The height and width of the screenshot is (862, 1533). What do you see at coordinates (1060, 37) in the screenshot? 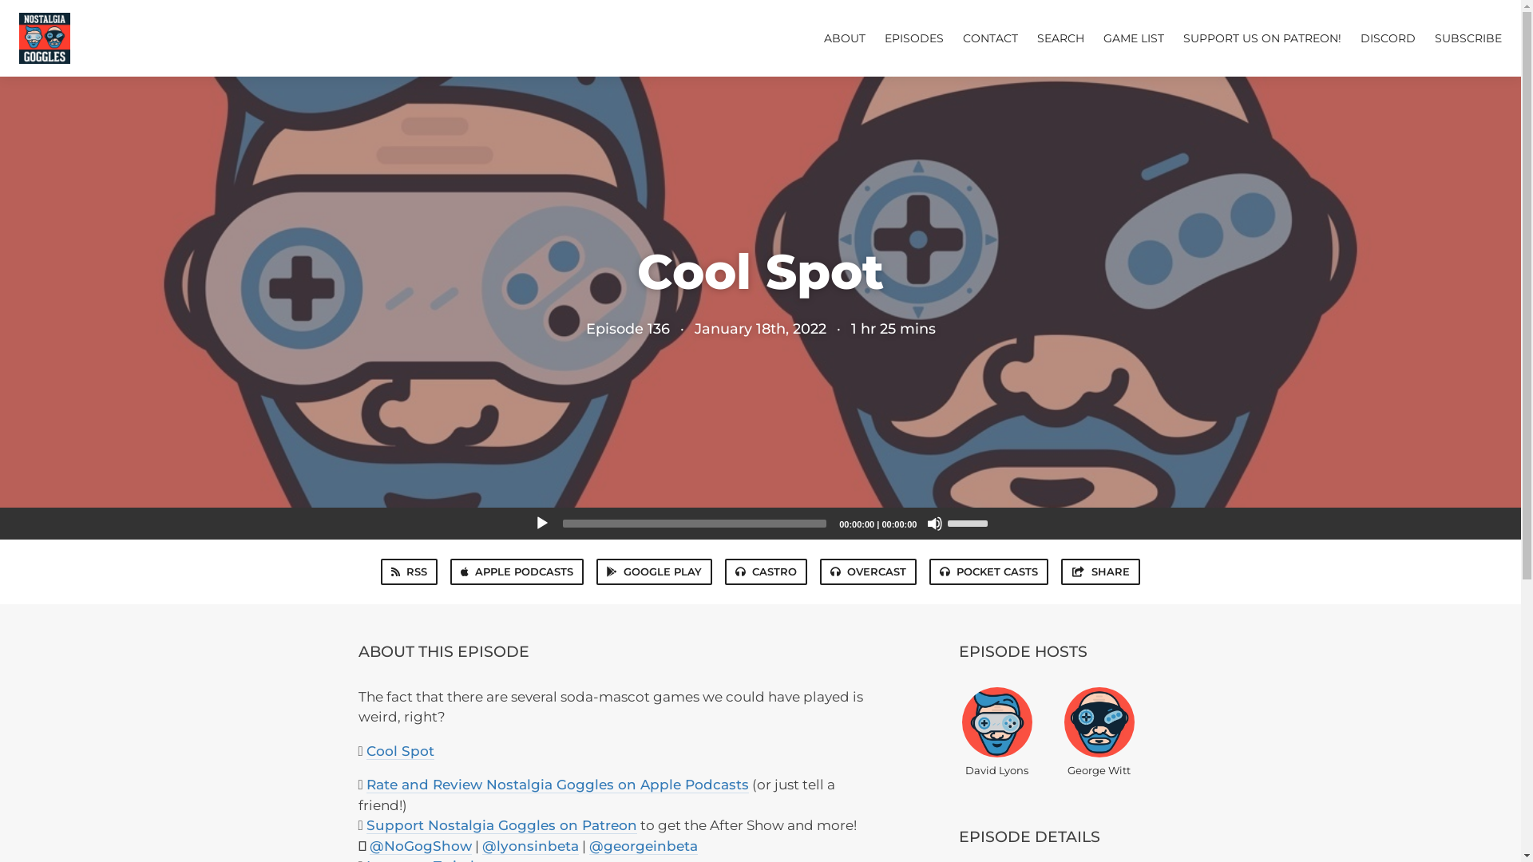
I see `'SEARCH'` at bounding box center [1060, 37].